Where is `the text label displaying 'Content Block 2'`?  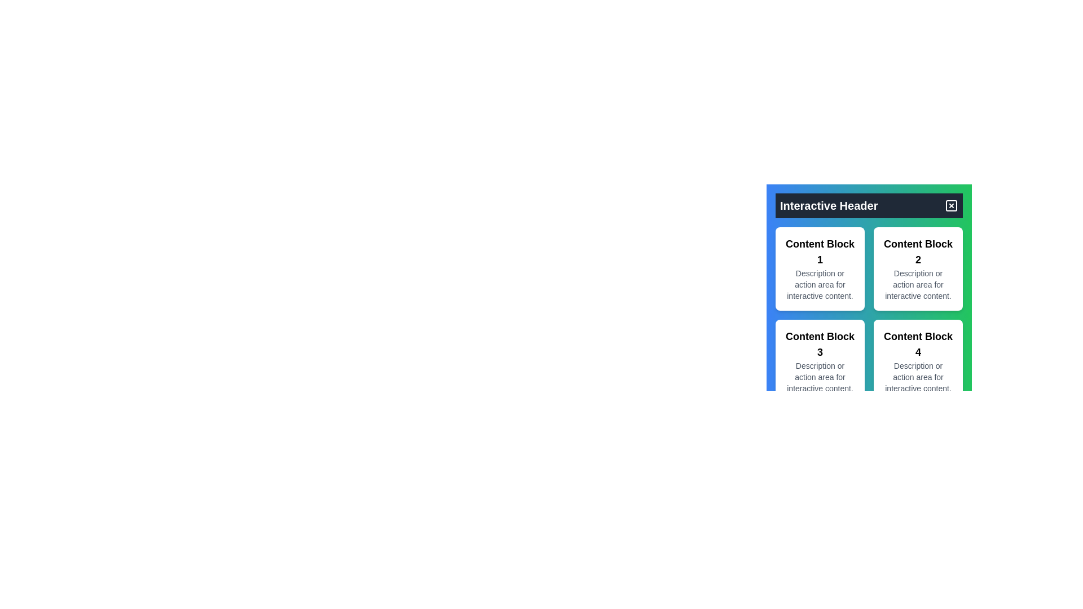 the text label displaying 'Content Block 2' is located at coordinates (918, 251).